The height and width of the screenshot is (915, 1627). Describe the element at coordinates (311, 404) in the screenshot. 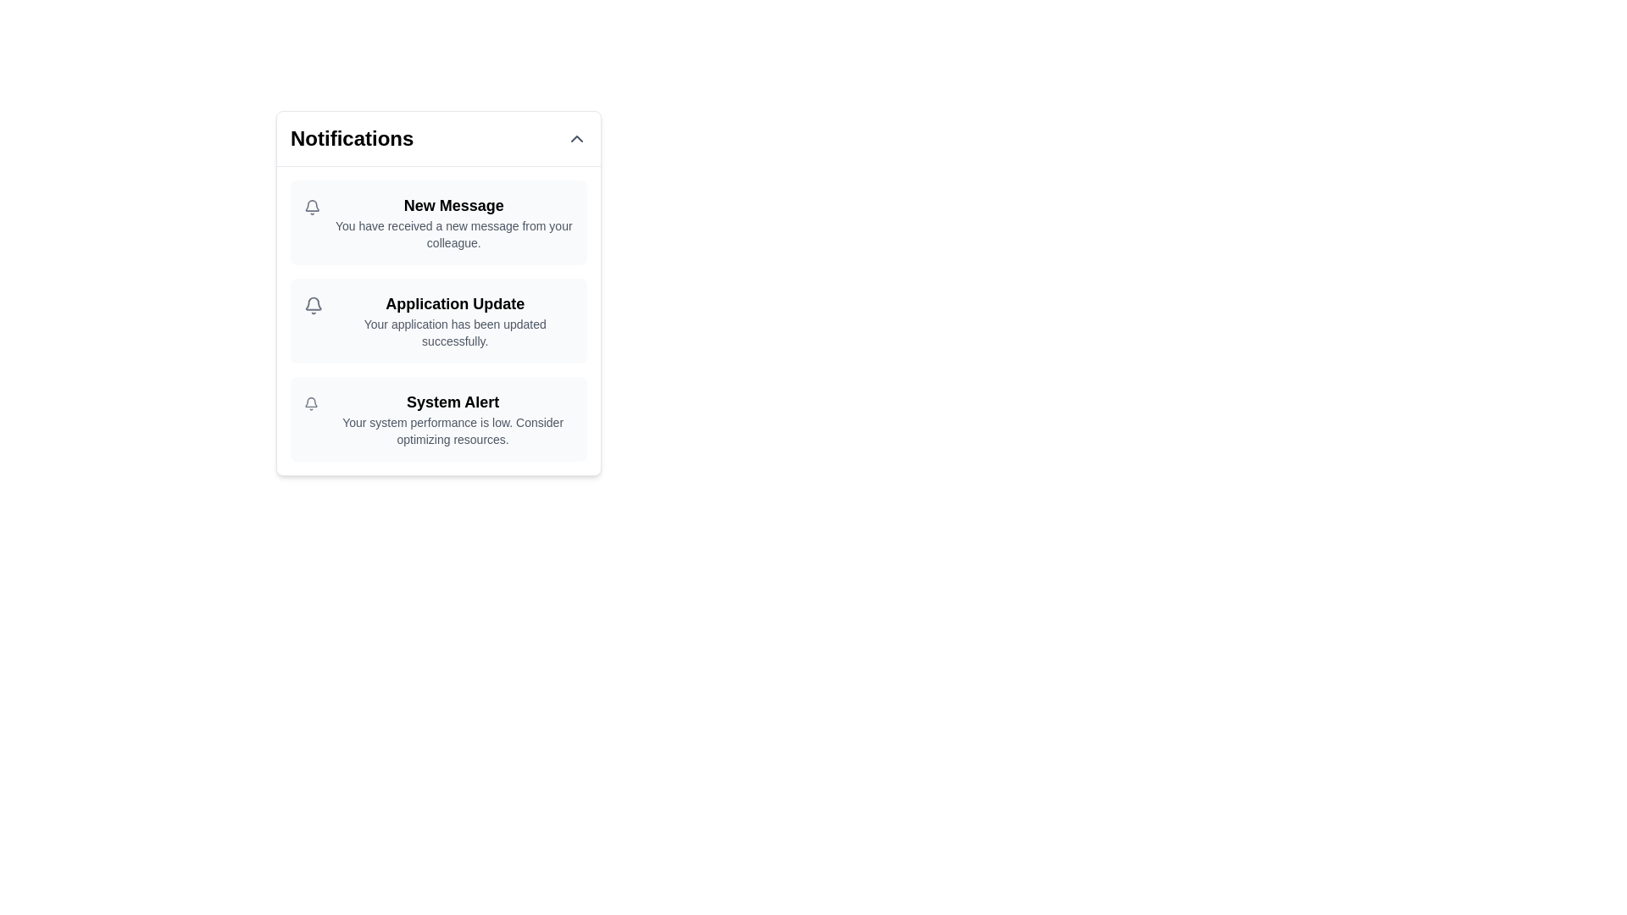

I see `the bell icon located on the left side of the 'System Alert' notification card, which is the last item in the notifications list` at that location.